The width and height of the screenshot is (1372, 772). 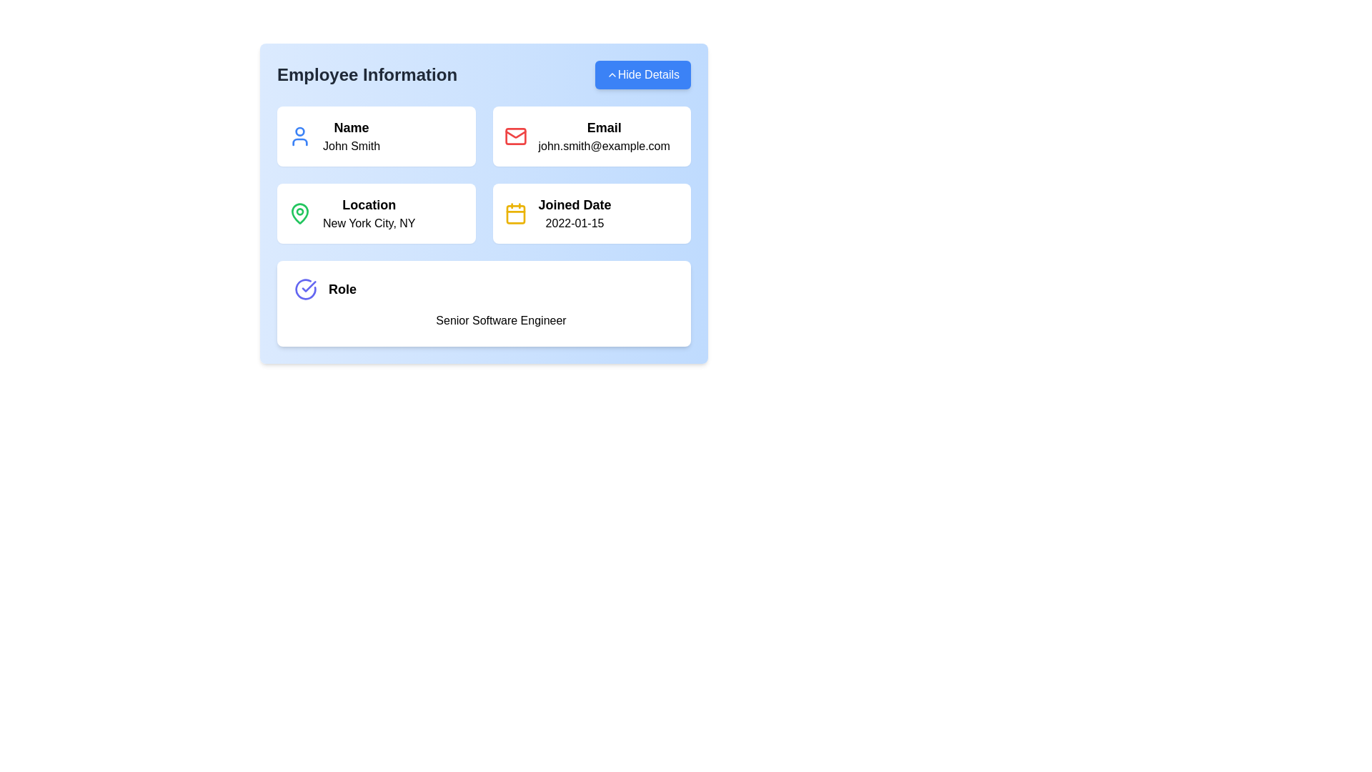 I want to click on the informational text label displaying the date when the individual joined, located beneath the 'Joined Date' label in the 'Employee Information' section's fourth card, so click(x=575, y=223).